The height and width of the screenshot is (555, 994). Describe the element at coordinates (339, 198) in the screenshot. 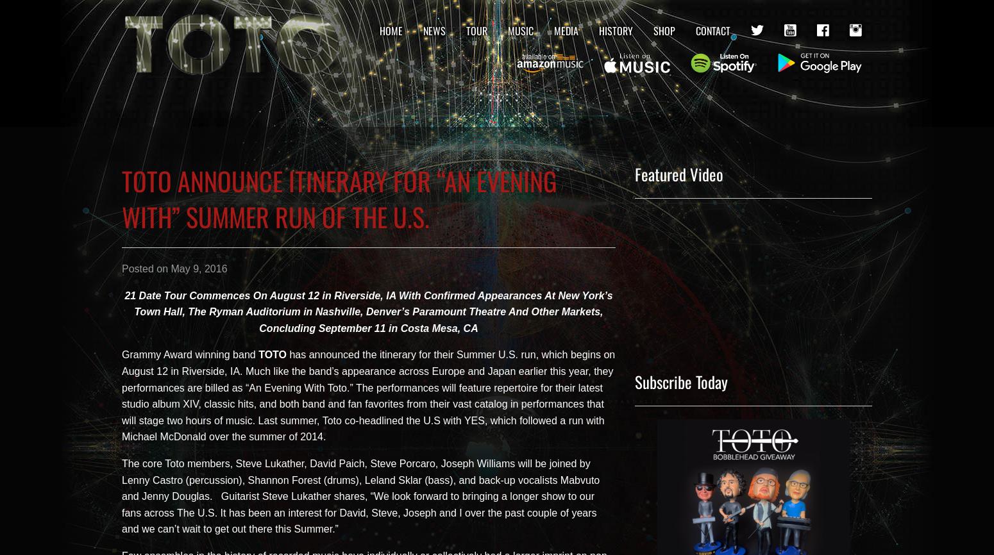

I see `'TOTO ANNOUNCE ITINERARY FOR “AN EVENING WITH” SUMMER RUN OF THE U.S.'` at that location.